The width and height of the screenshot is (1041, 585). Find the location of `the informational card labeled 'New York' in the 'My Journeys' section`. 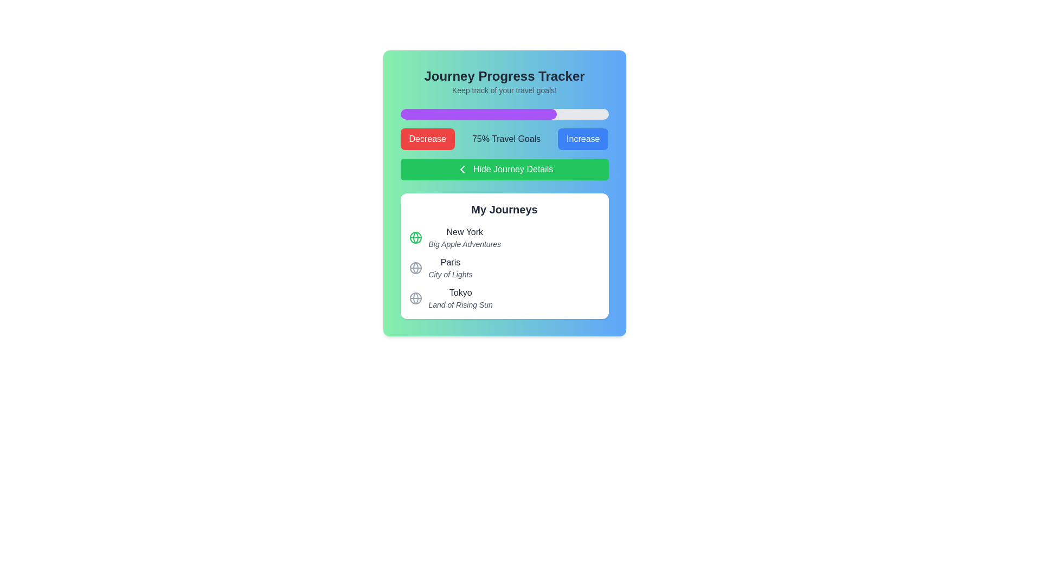

the informational card labeled 'New York' in the 'My Journeys' section is located at coordinates (504, 237).